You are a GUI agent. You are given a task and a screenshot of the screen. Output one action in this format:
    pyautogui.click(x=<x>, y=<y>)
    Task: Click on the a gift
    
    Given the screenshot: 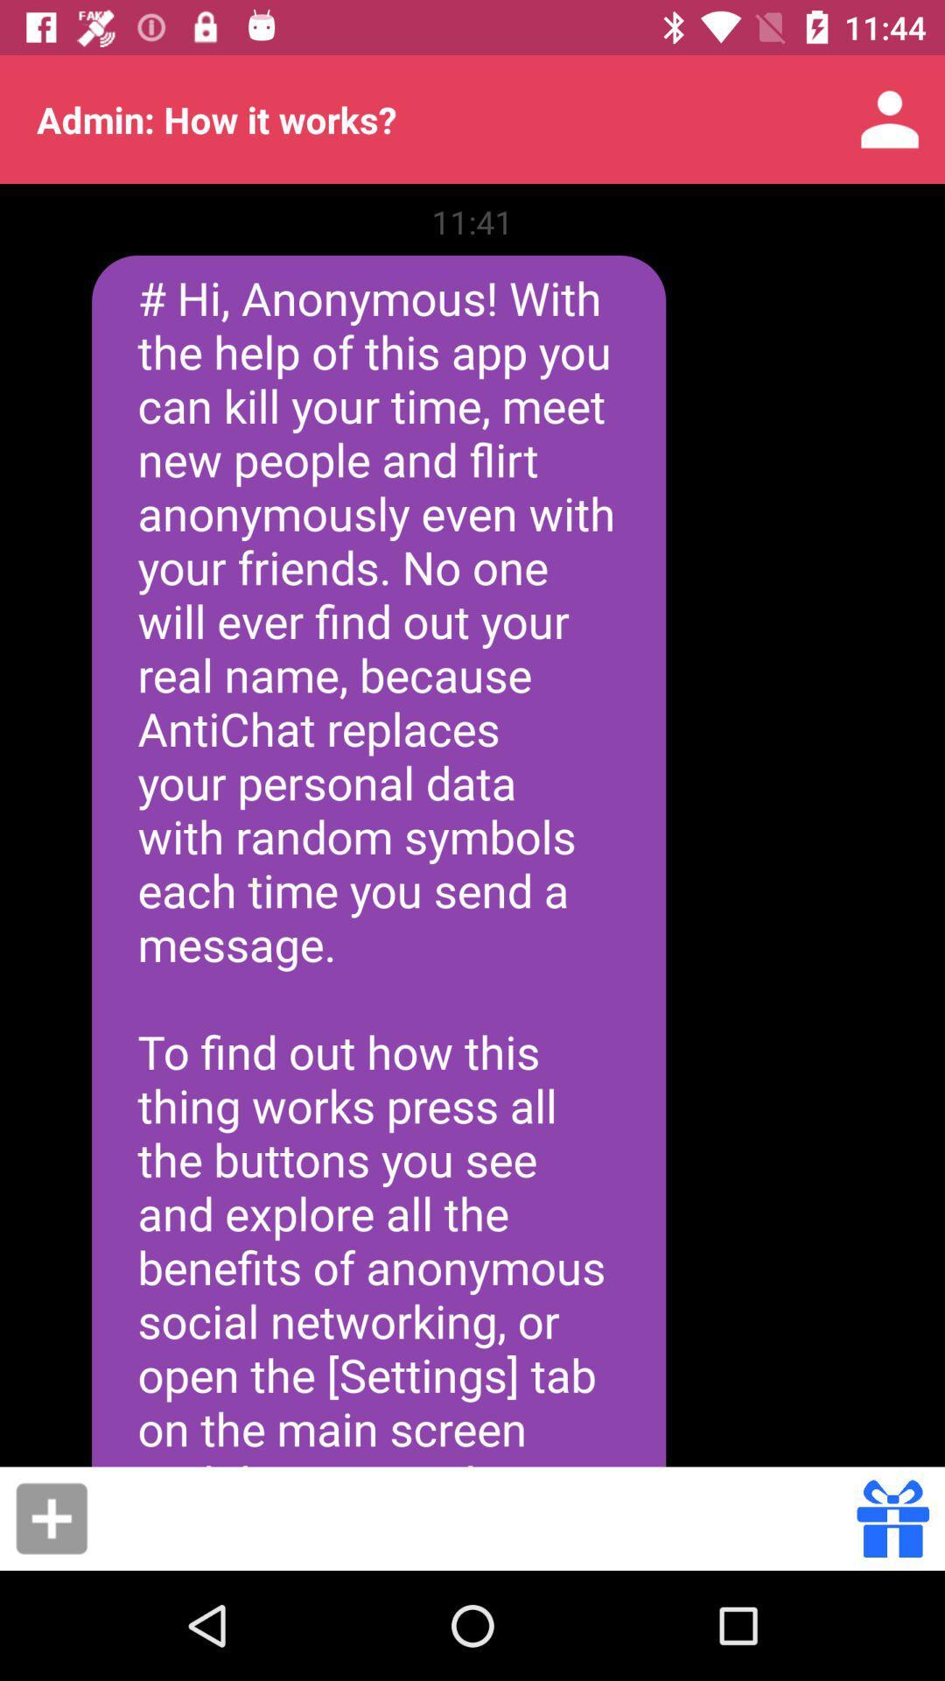 What is the action you would take?
    pyautogui.click(x=51, y=1517)
    